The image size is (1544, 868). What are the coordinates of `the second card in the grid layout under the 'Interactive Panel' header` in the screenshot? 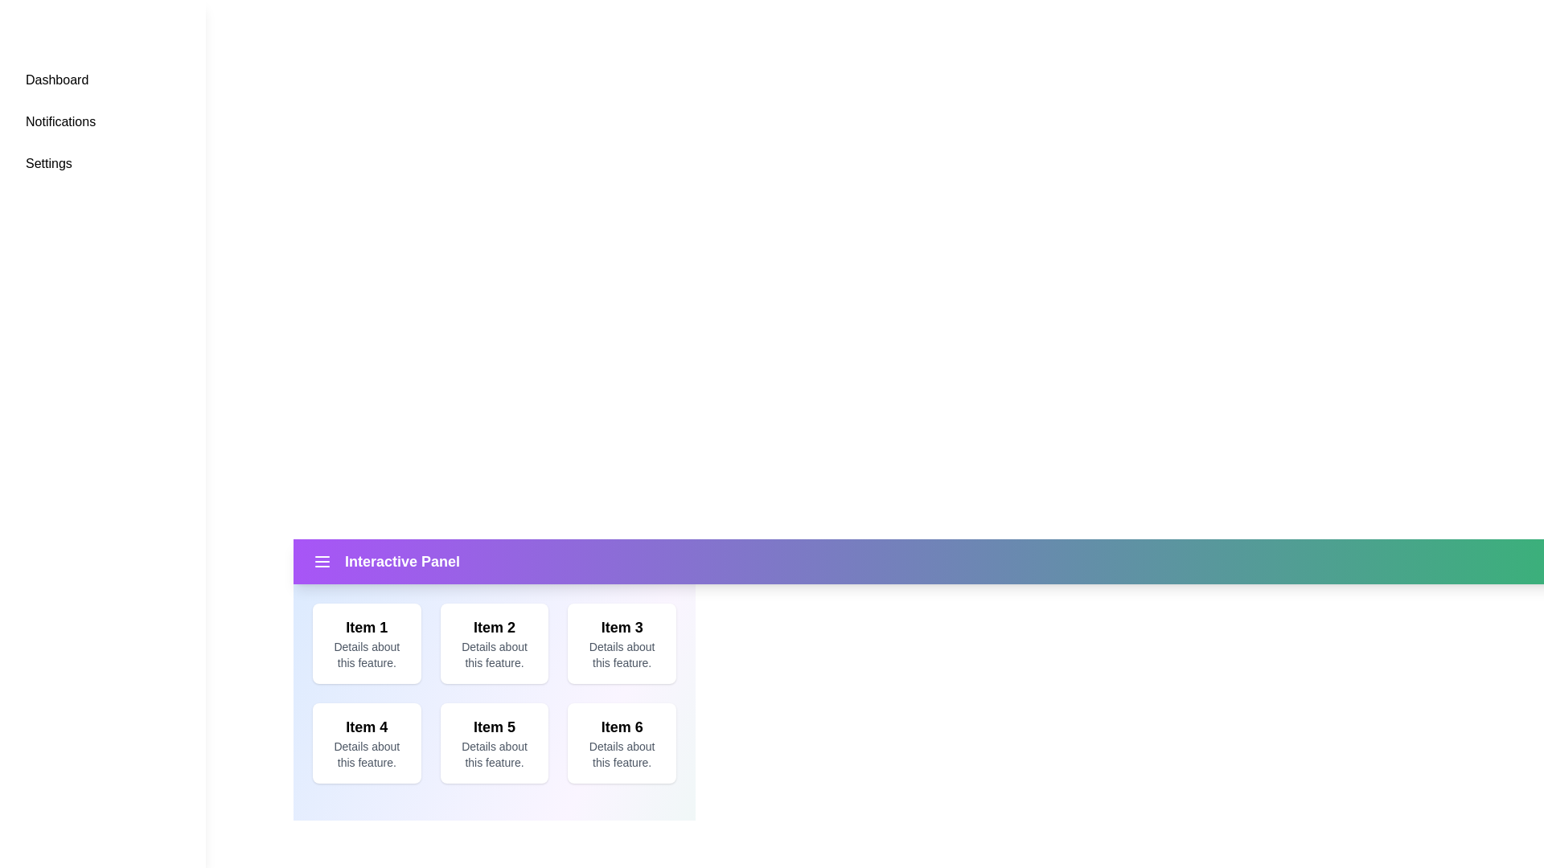 It's located at (493, 669).